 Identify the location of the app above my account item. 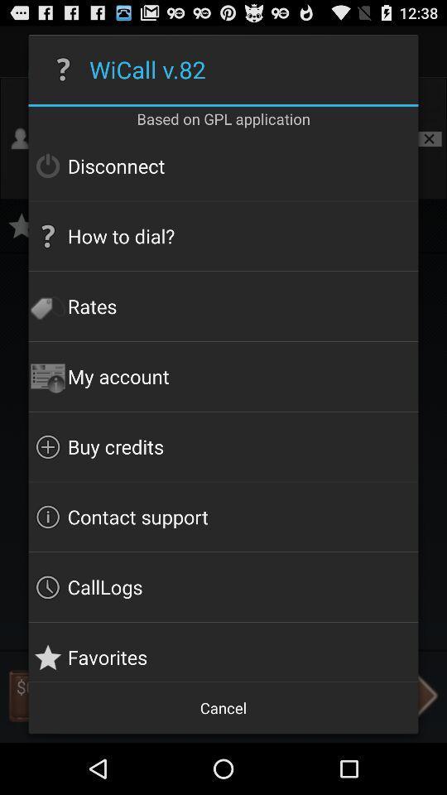
(223, 306).